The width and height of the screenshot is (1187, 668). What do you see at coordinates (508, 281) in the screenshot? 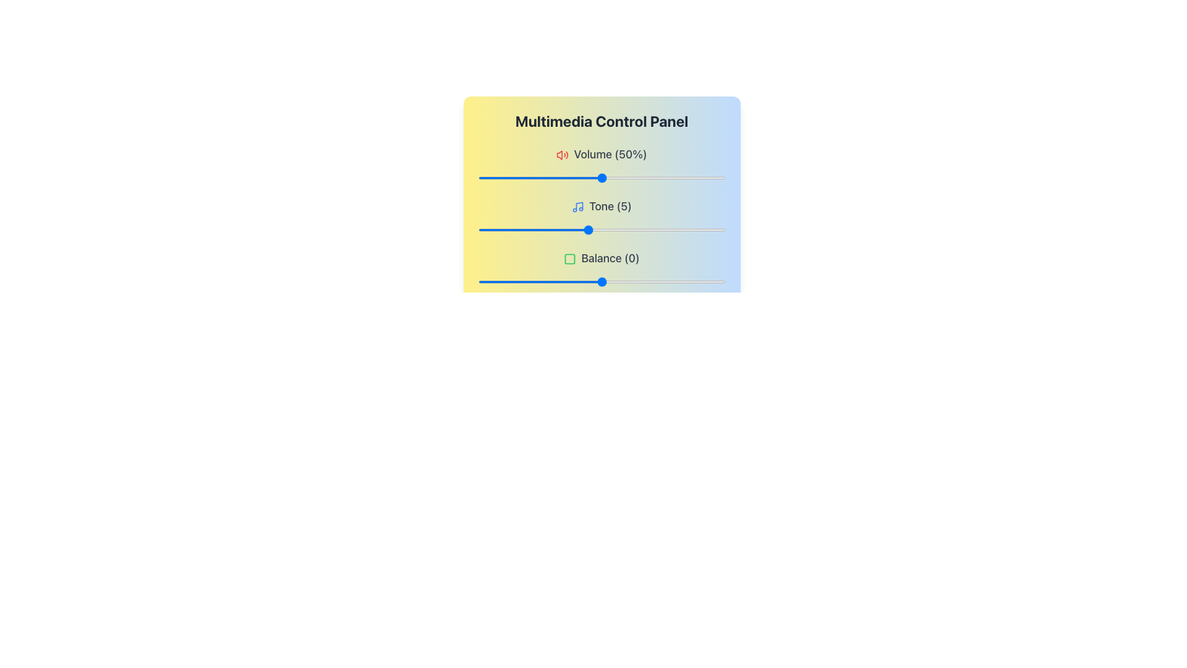
I see `the balance` at bounding box center [508, 281].